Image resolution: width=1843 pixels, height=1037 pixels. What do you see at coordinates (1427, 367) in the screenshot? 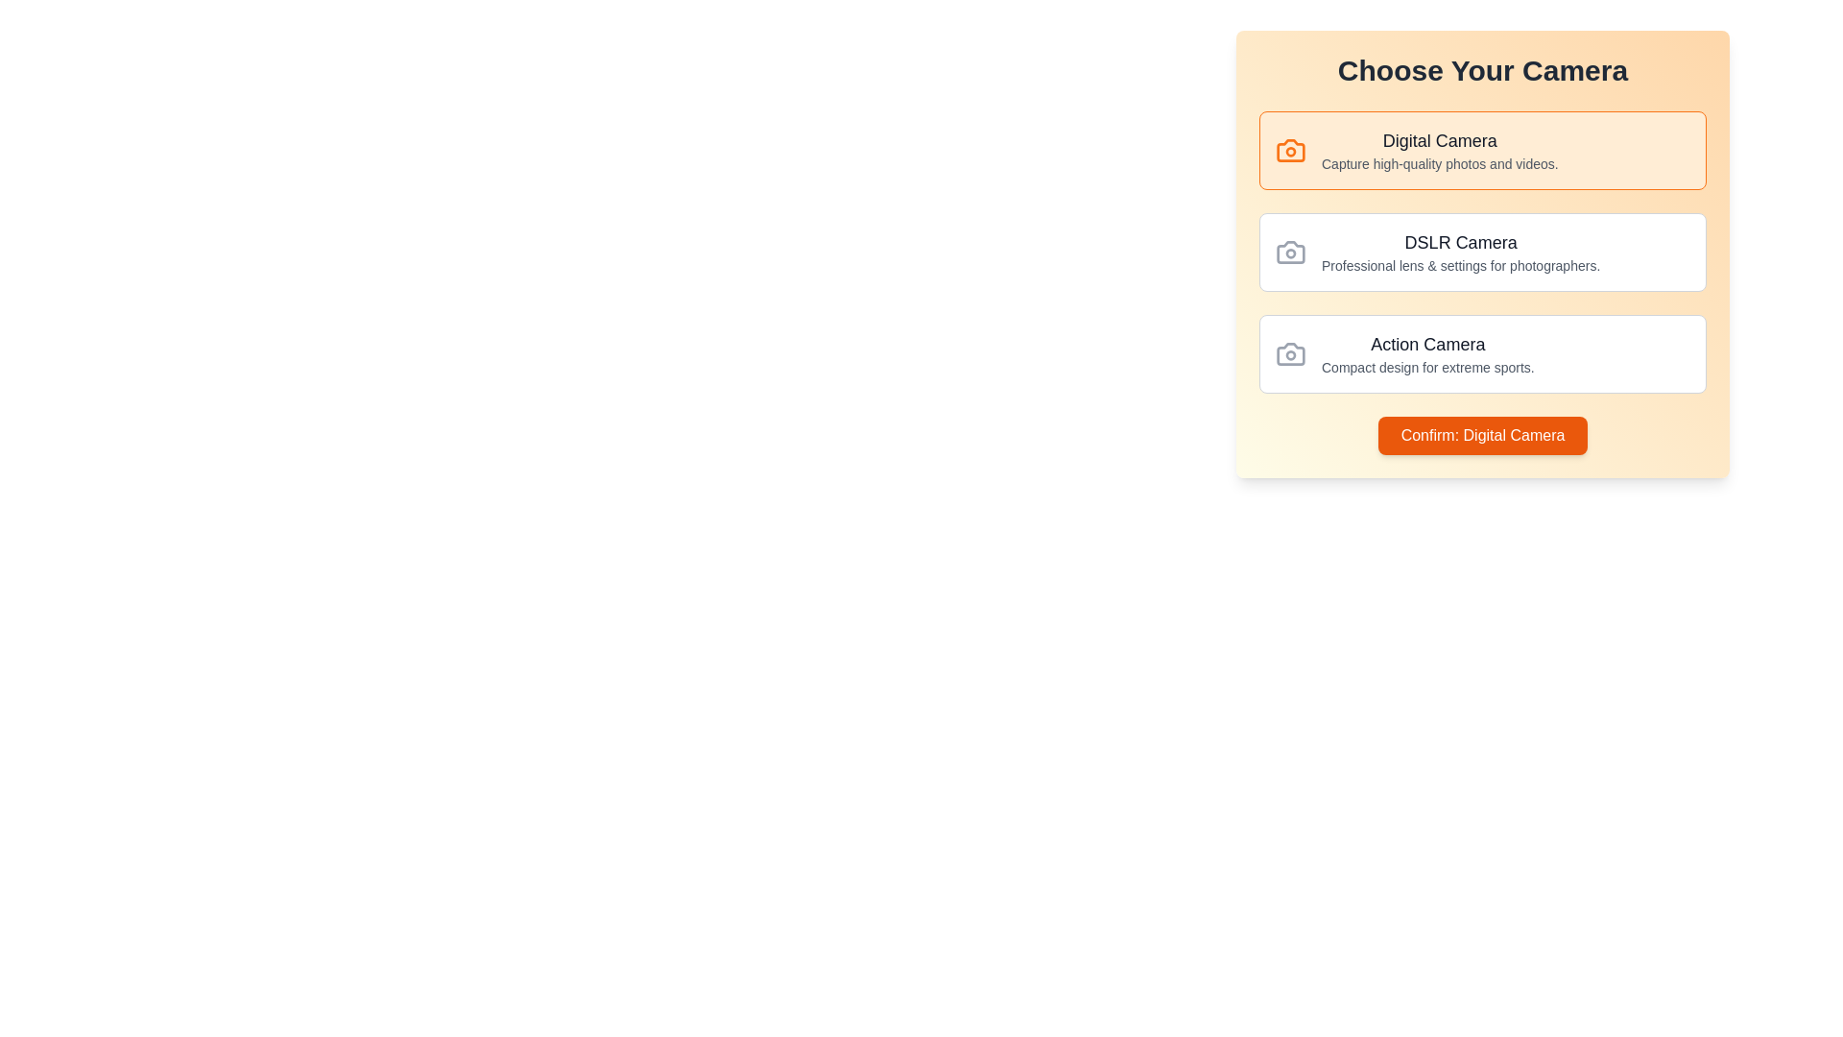
I see `the text component displaying 'Compact design for extreme sports.' located below the title 'Action Camera' in the bottom-right section of the interface` at bounding box center [1427, 367].